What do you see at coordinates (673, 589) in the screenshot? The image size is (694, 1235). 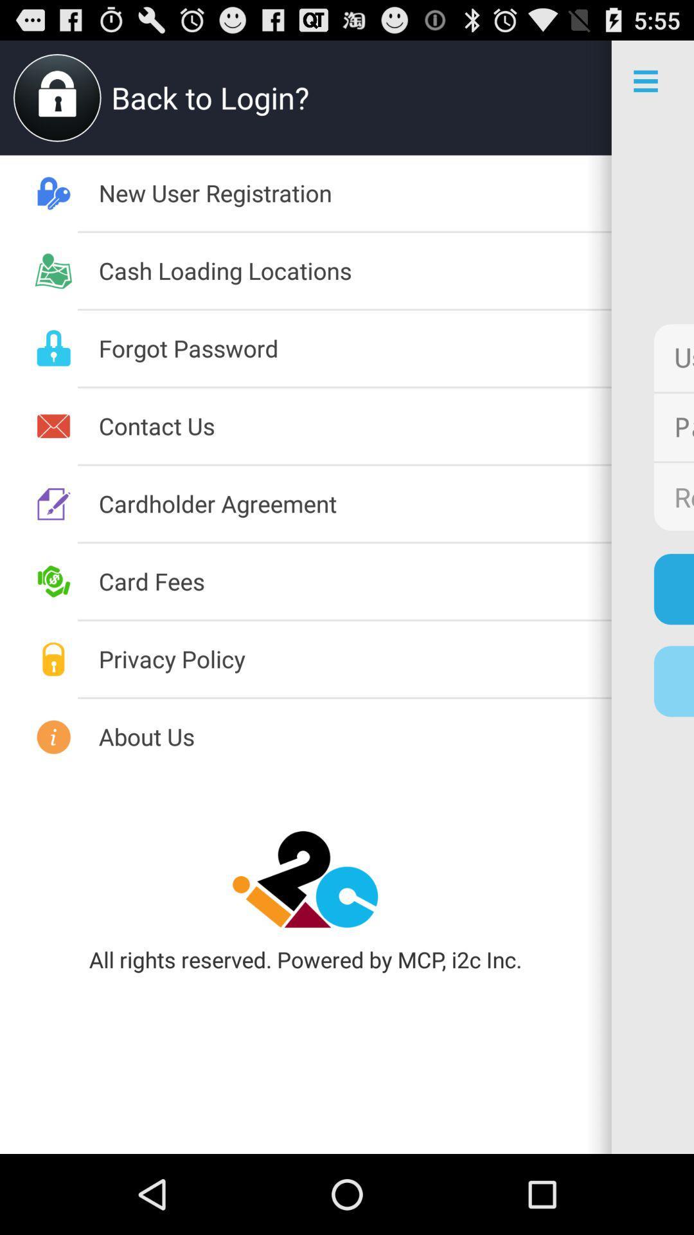 I see `item to the right of the card fees` at bounding box center [673, 589].